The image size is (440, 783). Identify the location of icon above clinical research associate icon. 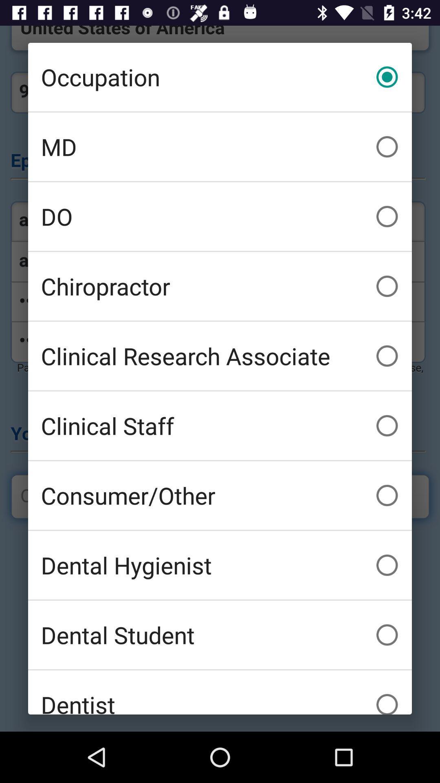
(220, 286).